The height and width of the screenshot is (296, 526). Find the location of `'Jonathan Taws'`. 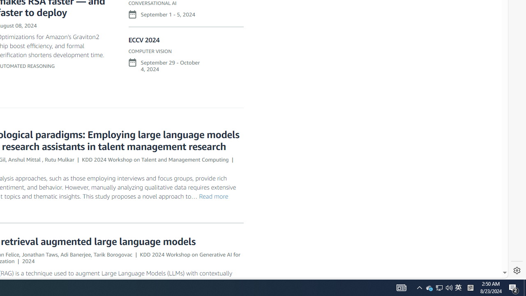

'Jonathan Taws' is located at coordinates (39, 254).